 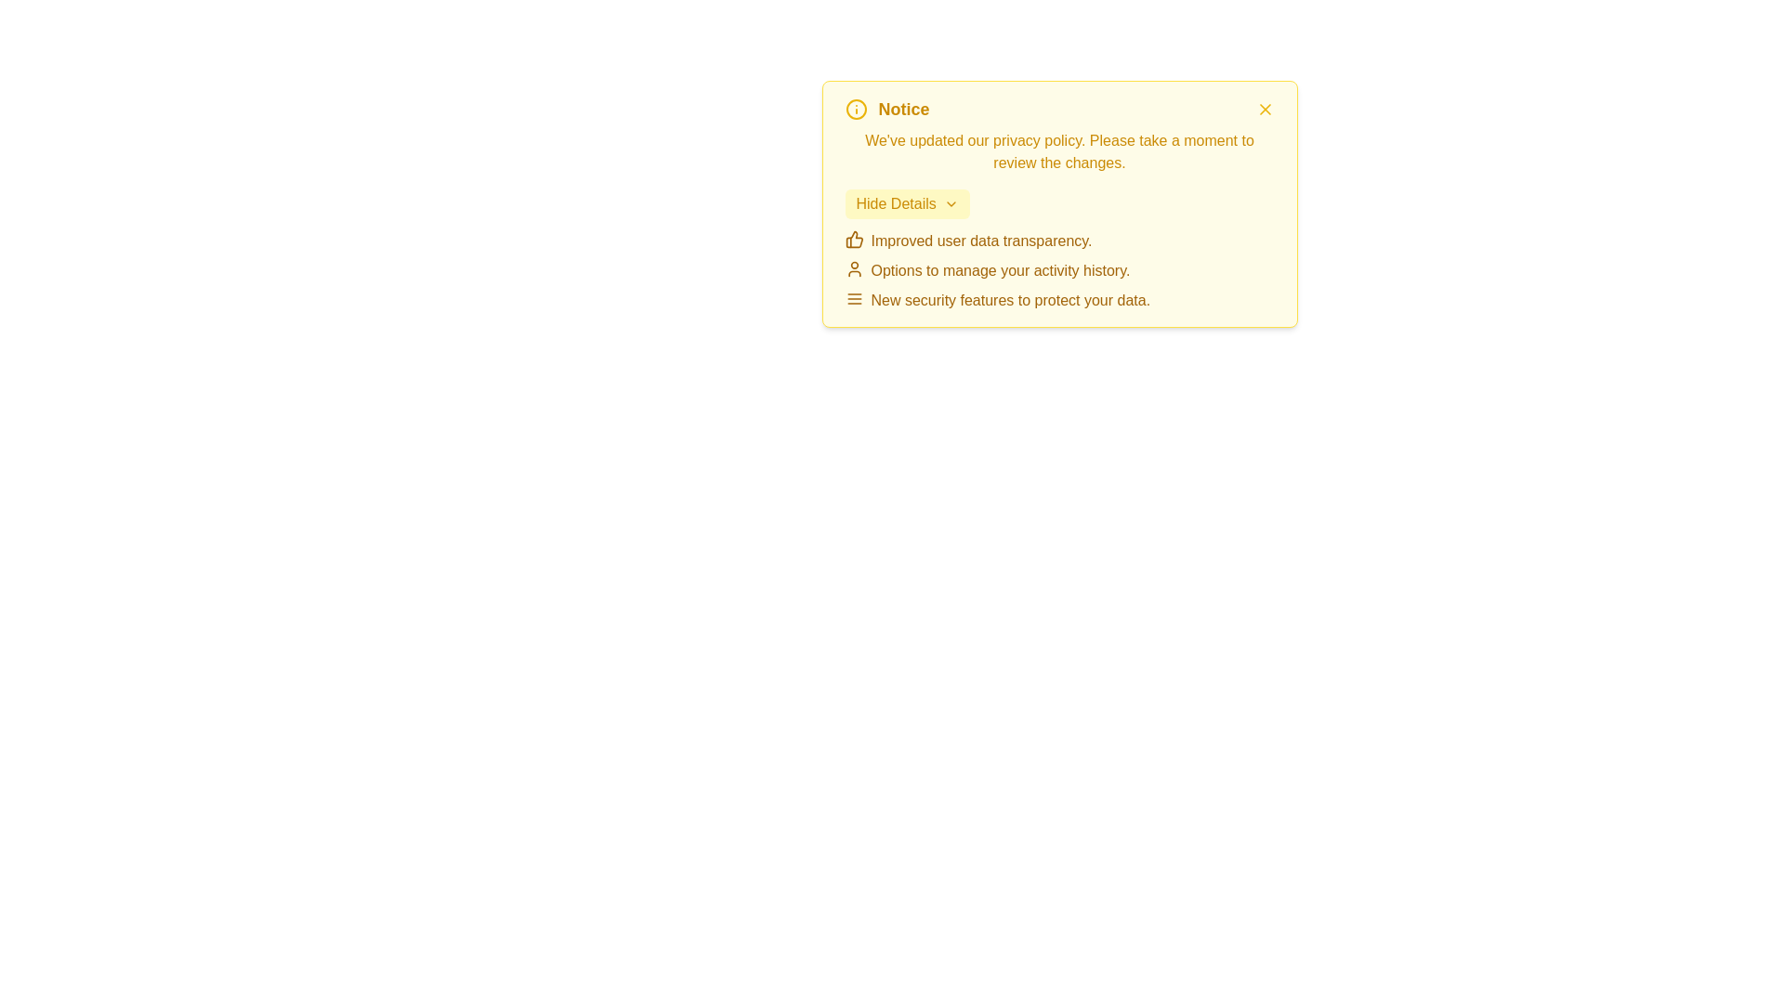 What do you see at coordinates (980, 240) in the screenshot?
I see `the text that provides information about an improvement in data transparency within the notification card, located to the right of the thumbs-up icon` at bounding box center [980, 240].